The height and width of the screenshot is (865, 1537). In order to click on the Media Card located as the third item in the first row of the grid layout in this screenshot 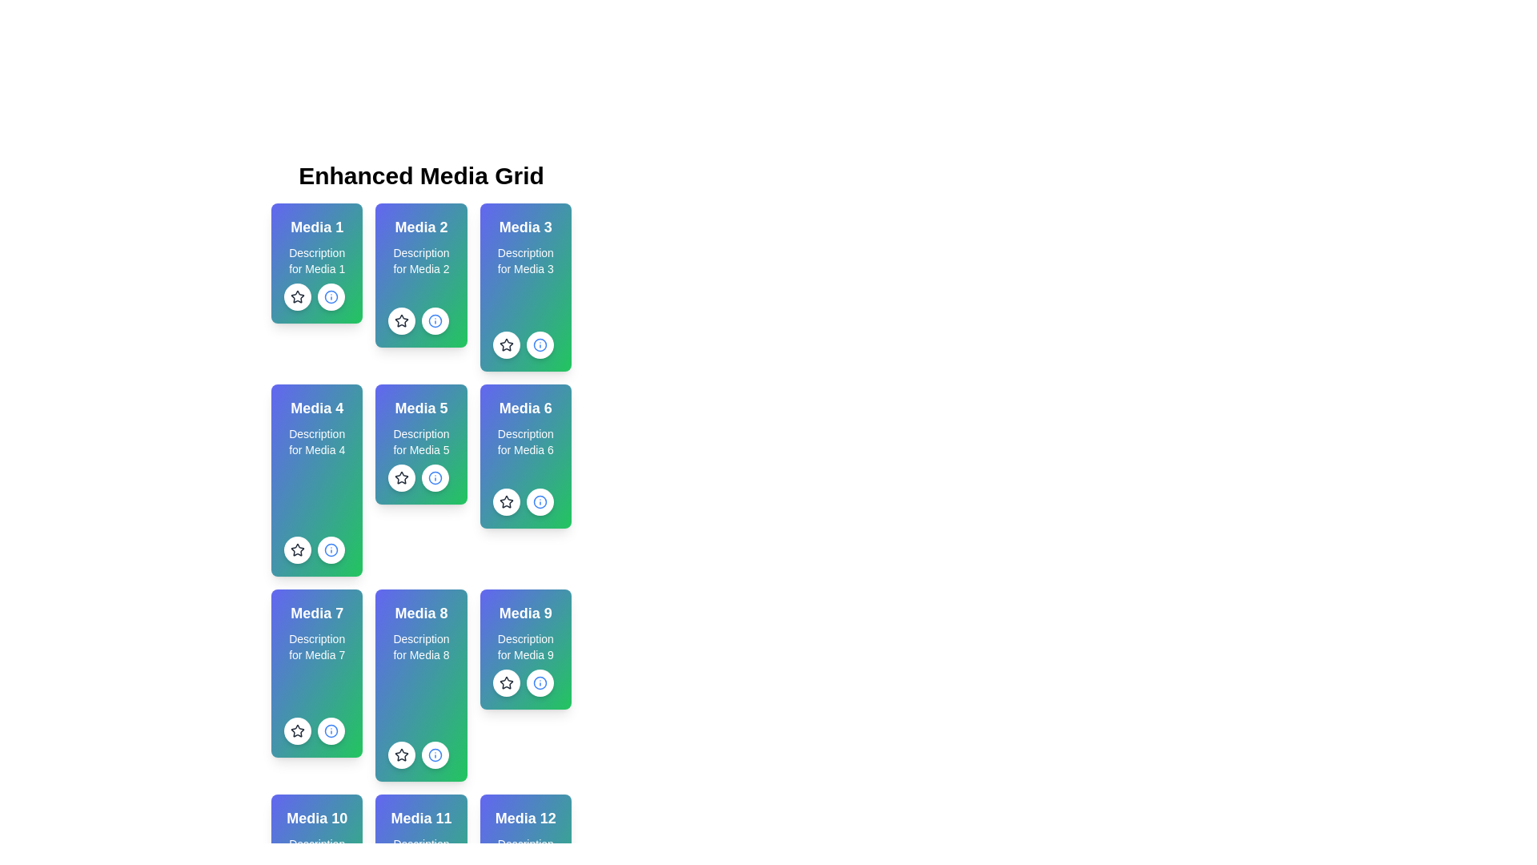, I will do `click(525, 286)`.